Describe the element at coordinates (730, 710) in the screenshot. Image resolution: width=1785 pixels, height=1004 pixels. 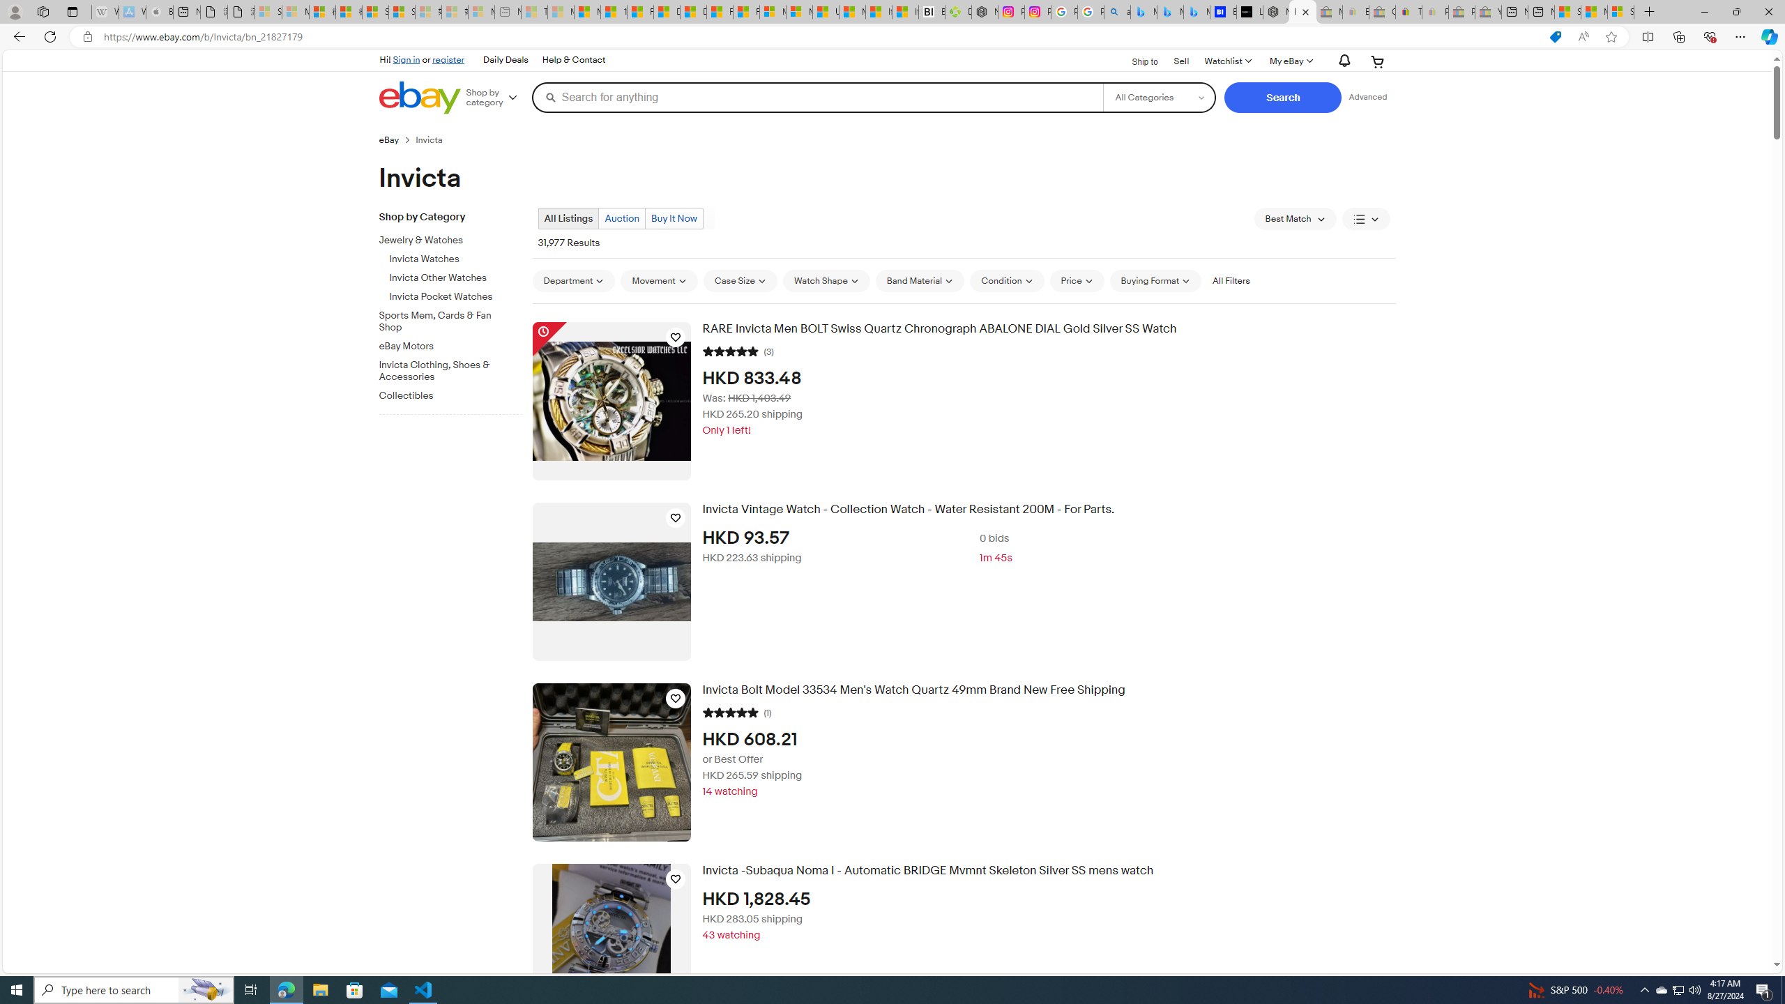
I see `'5 out of 5 stars'` at that location.